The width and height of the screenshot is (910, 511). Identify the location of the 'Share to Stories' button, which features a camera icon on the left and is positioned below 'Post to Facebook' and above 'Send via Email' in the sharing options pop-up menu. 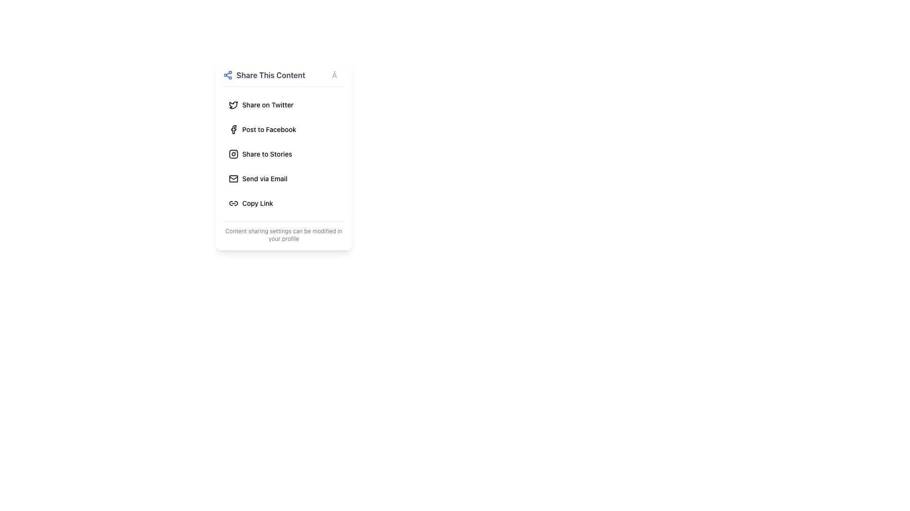
(283, 154).